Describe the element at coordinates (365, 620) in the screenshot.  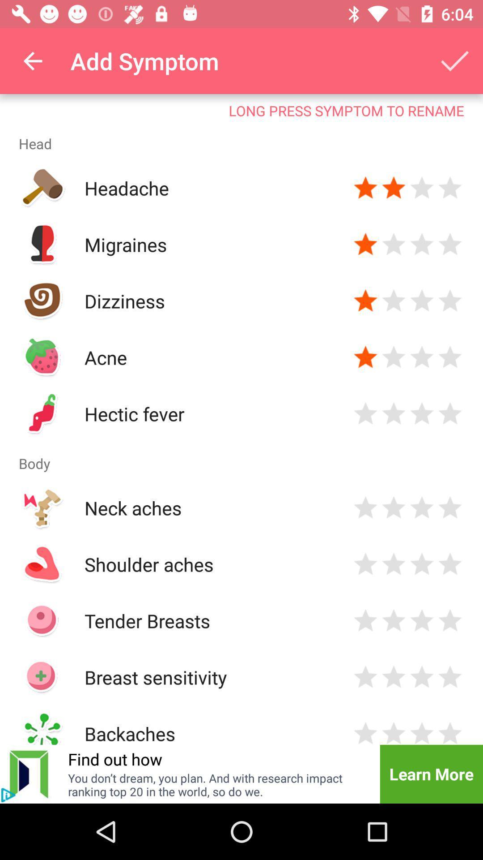
I see `rate tender breasts 1 star` at that location.